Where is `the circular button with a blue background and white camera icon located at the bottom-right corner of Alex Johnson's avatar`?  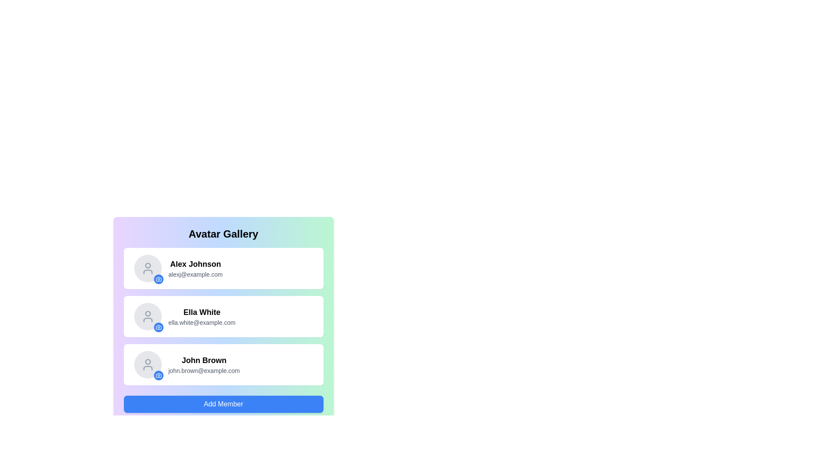 the circular button with a blue background and white camera icon located at the bottom-right corner of Alex Johnson's avatar is located at coordinates (158, 279).